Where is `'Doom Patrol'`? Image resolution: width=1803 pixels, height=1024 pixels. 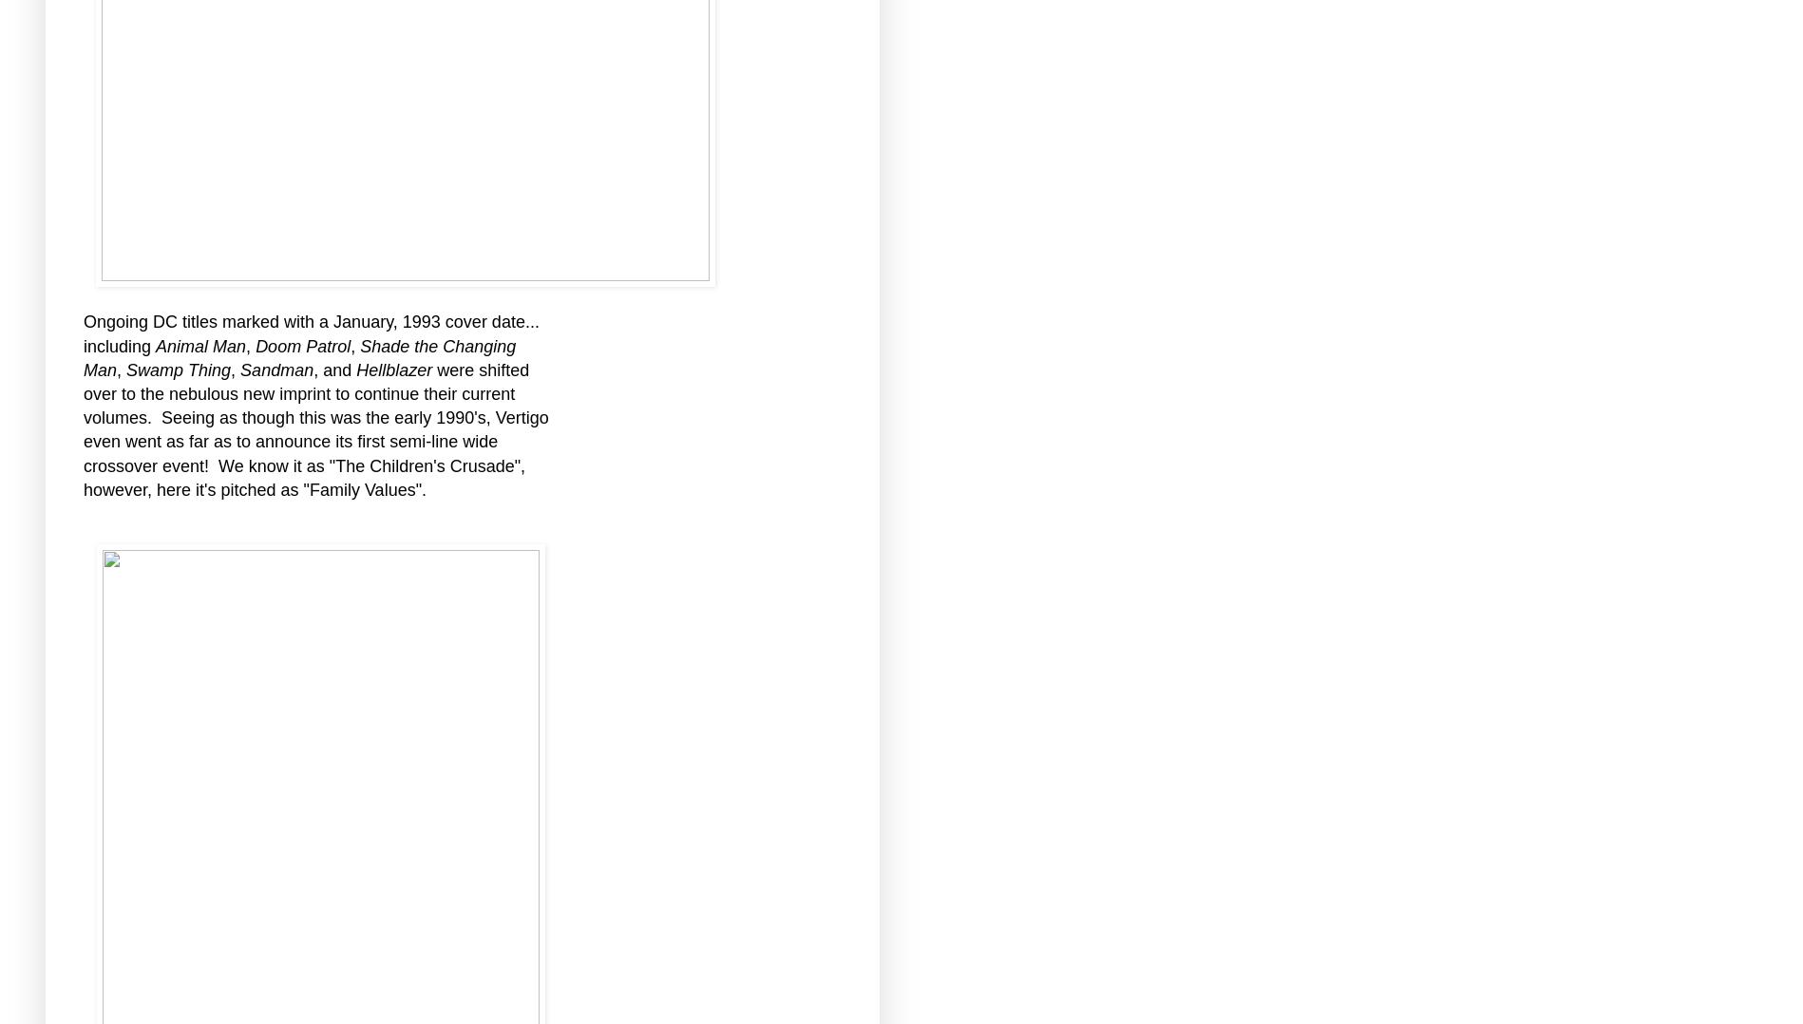 'Doom Patrol' is located at coordinates (303, 346).